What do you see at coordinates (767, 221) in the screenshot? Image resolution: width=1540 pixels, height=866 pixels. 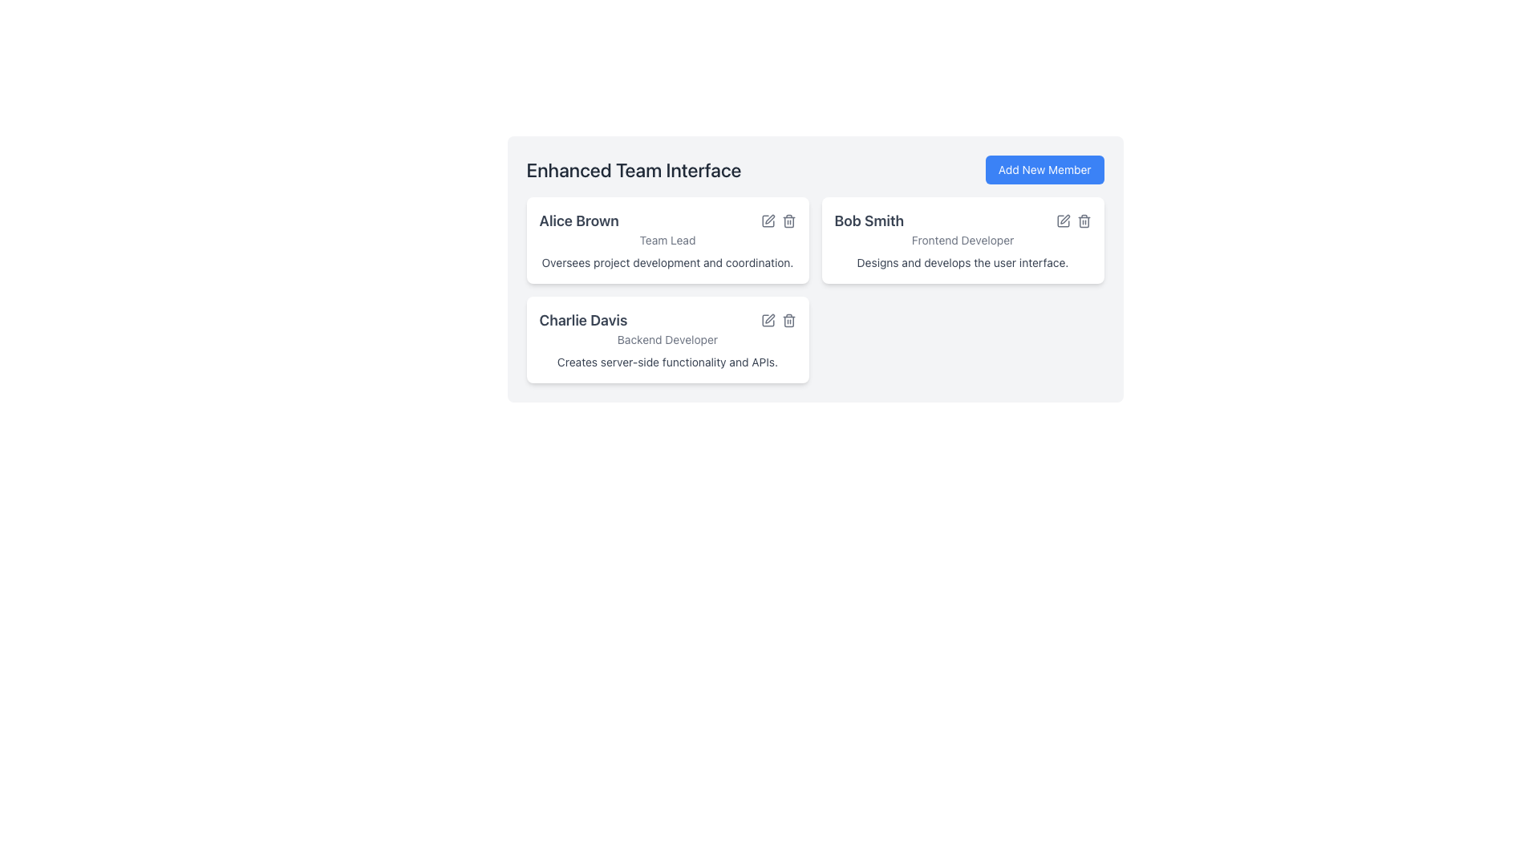 I see `the edit button icon resembling a pen, located in the top-right corner of the card labeled 'Alice Brown'` at bounding box center [767, 221].